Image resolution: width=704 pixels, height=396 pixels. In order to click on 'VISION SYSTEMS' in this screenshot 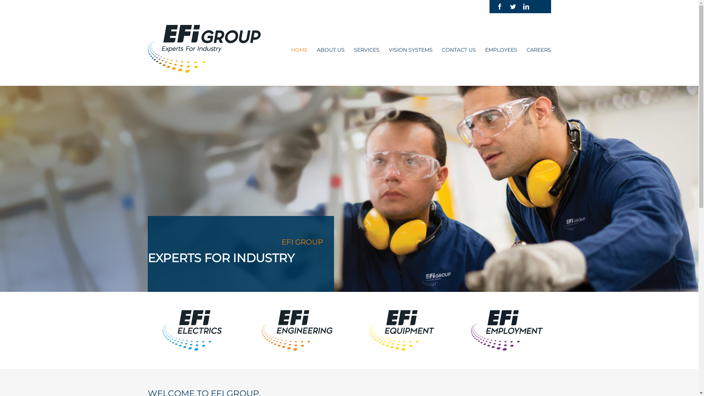, I will do `click(410, 49)`.